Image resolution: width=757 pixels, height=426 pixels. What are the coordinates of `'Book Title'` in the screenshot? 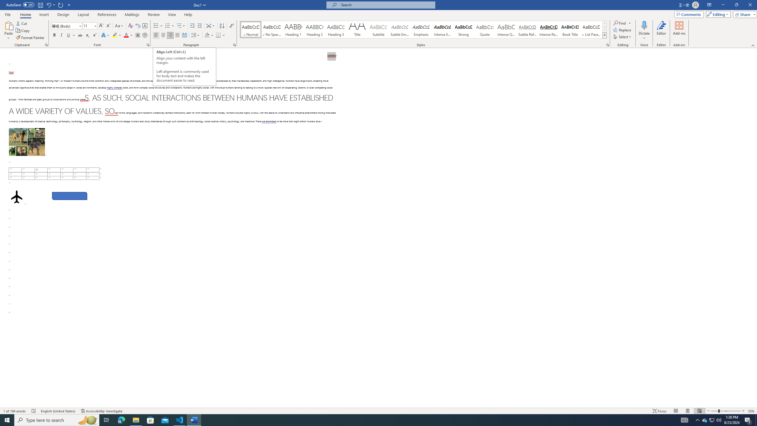 It's located at (570, 29).